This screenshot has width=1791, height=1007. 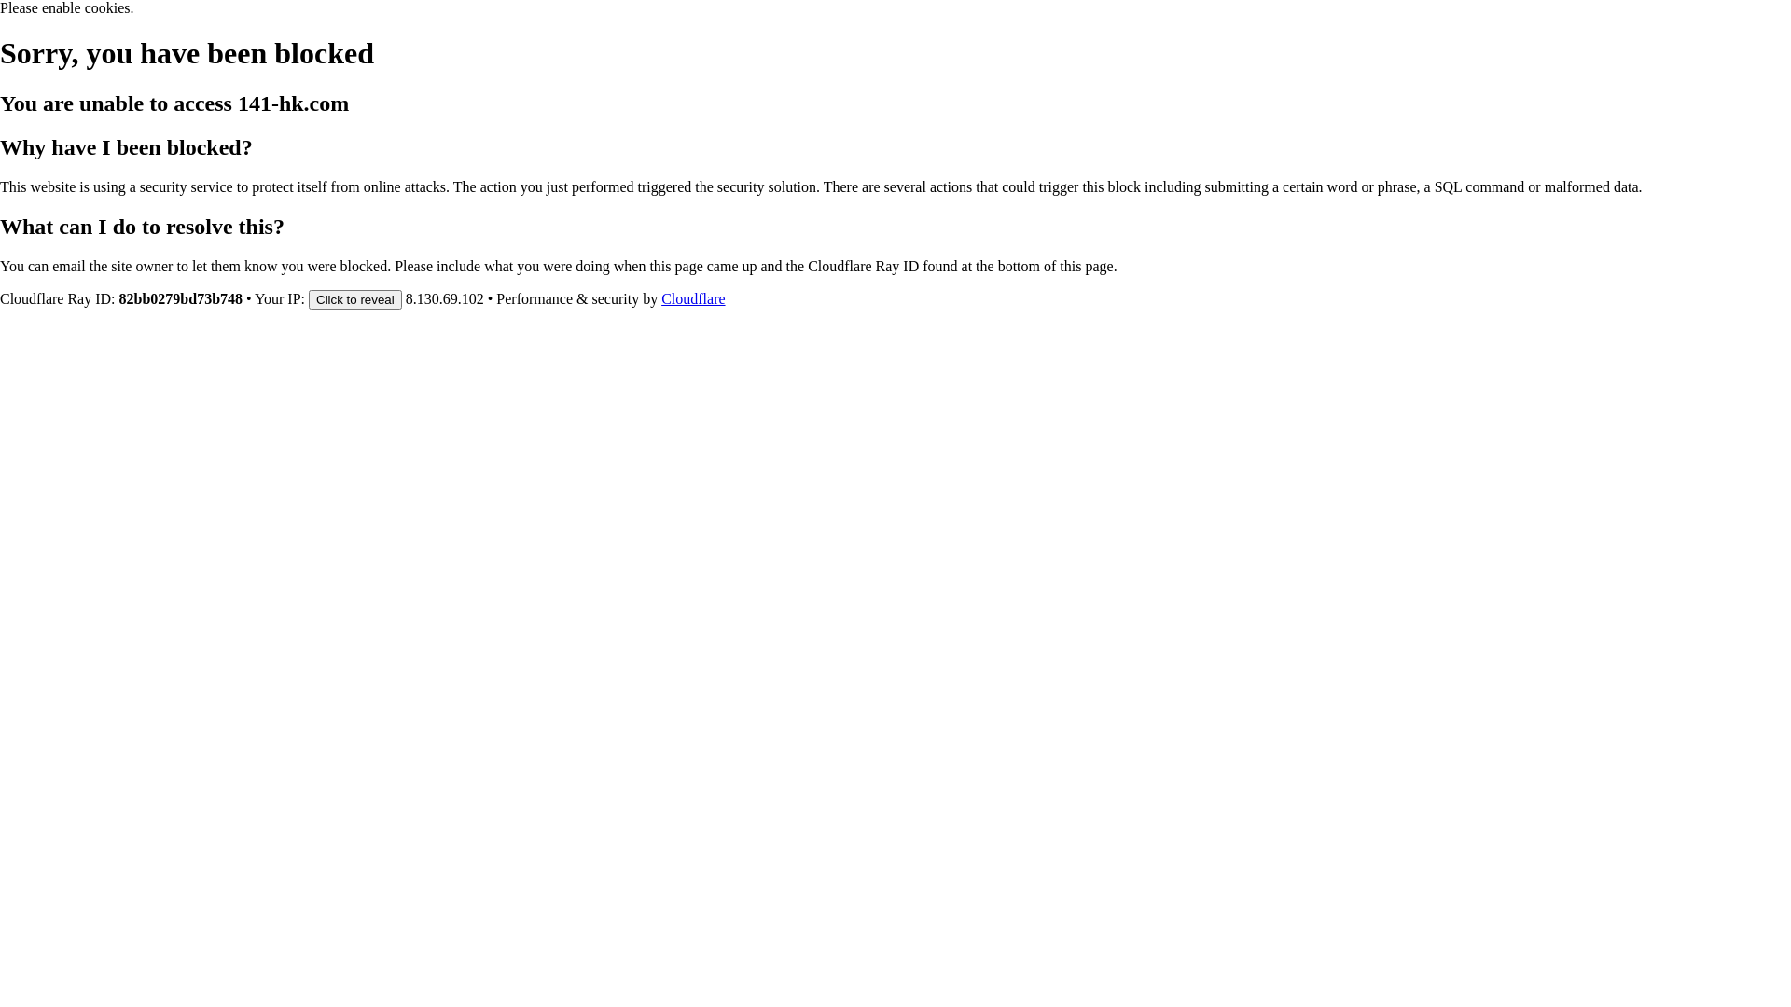 I want to click on 'Click to reveal', so click(x=354, y=297).